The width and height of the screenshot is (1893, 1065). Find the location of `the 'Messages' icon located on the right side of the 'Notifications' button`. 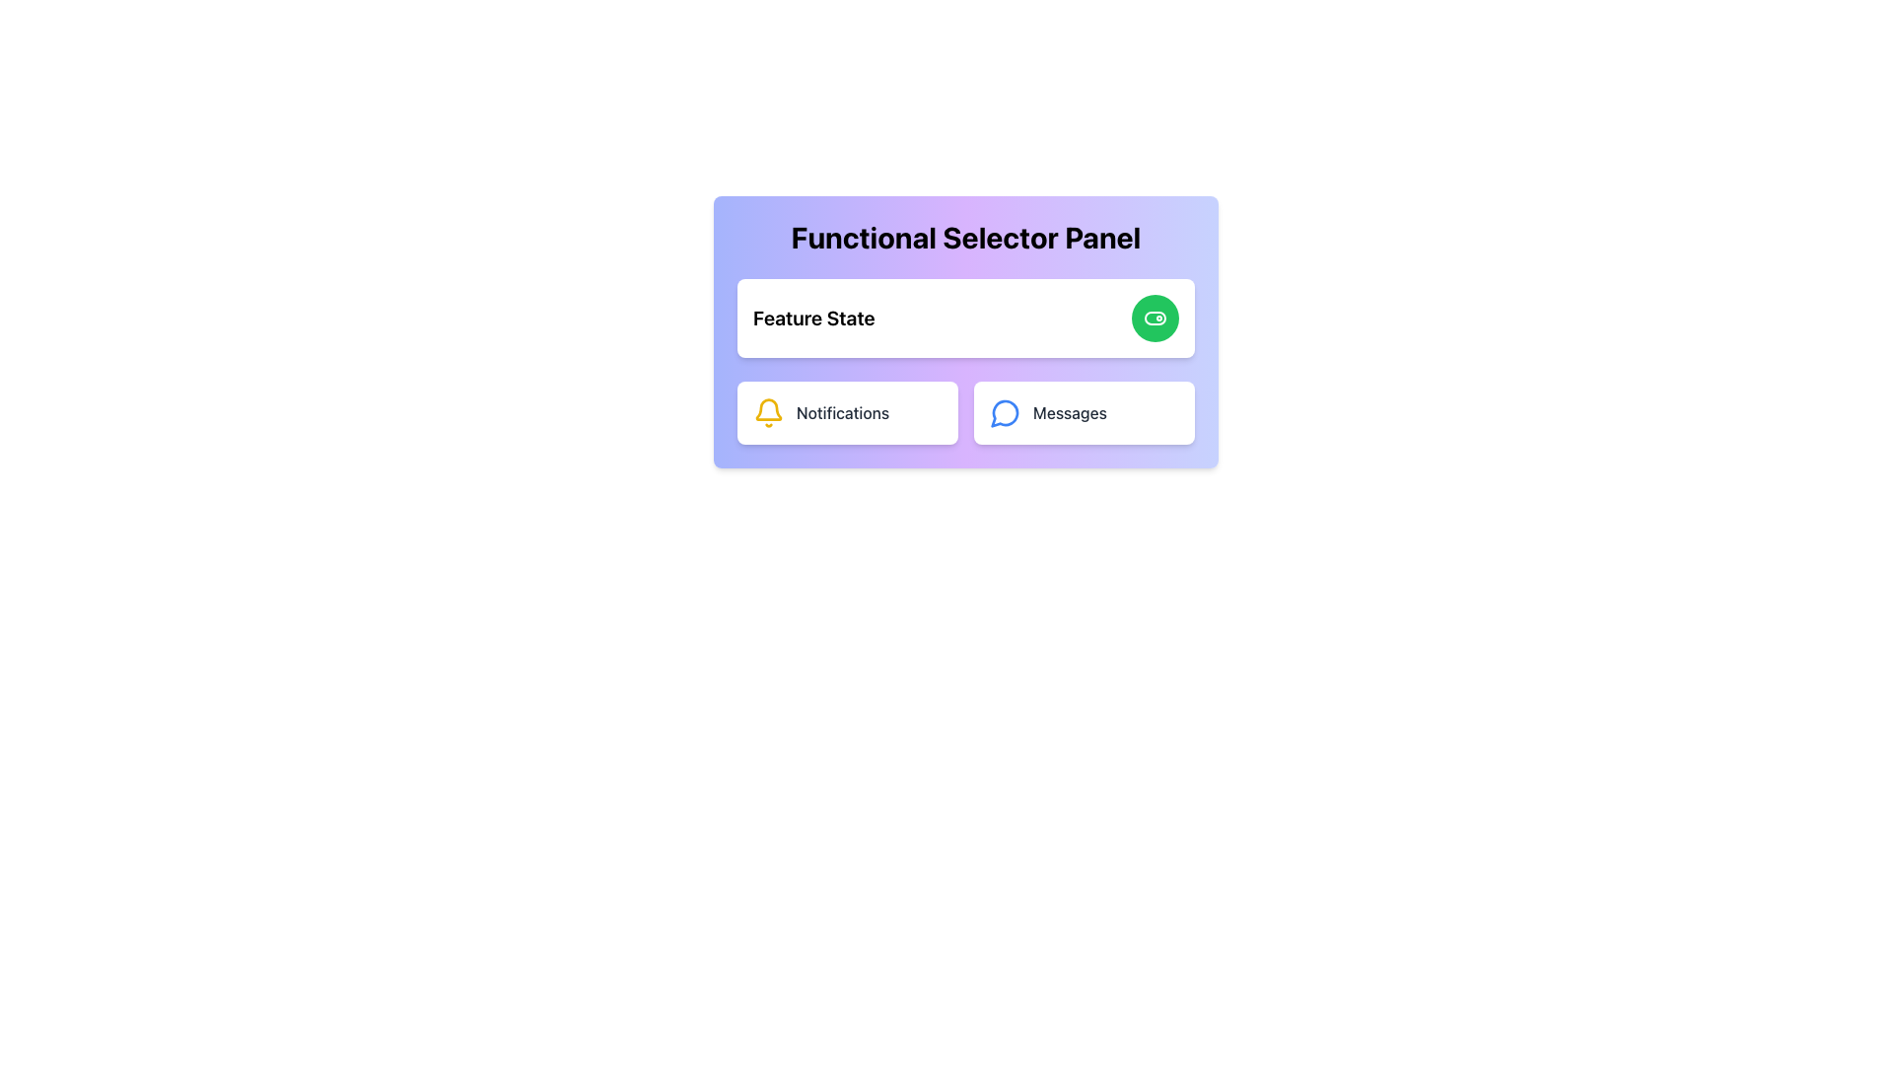

the 'Messages' icon located on the right side of the 'Notifications' button is located at coordinates (1005, 412).